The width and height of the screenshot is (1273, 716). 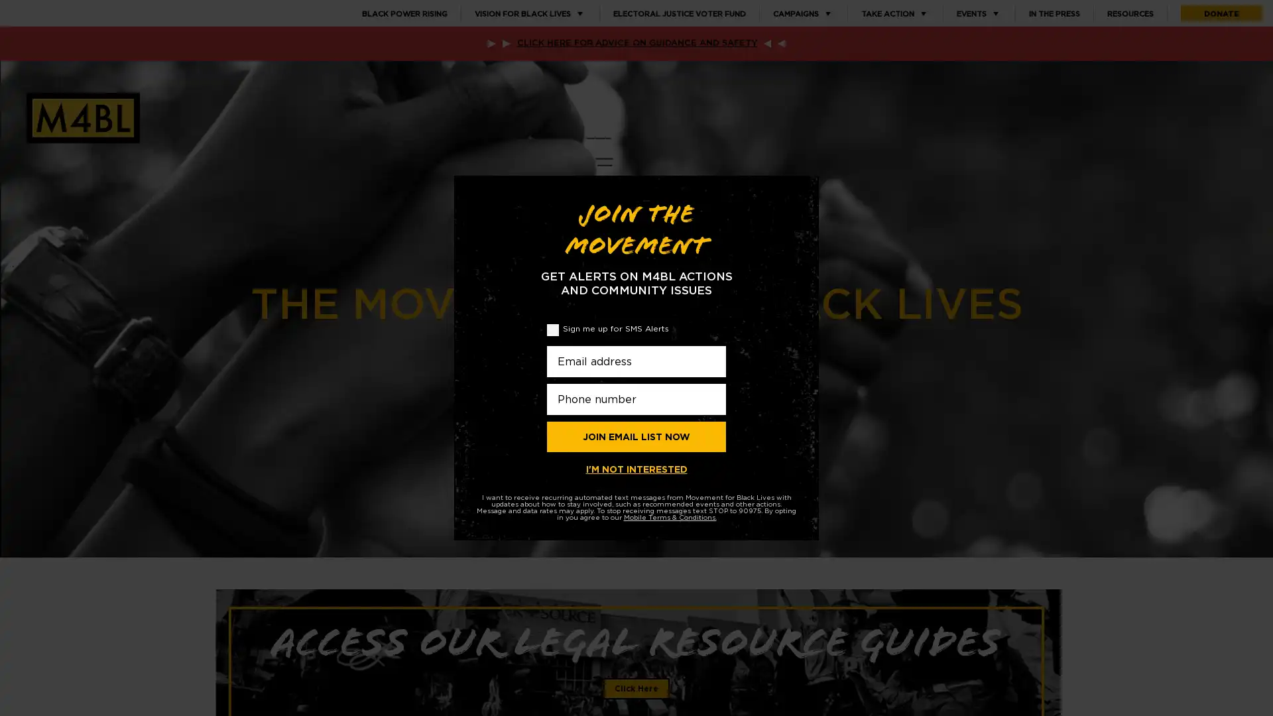 What do you see at coordinates (636, 469) in the screenshot?
I see `I'M NOT INTERESTED` at bounding box center [636, 469].